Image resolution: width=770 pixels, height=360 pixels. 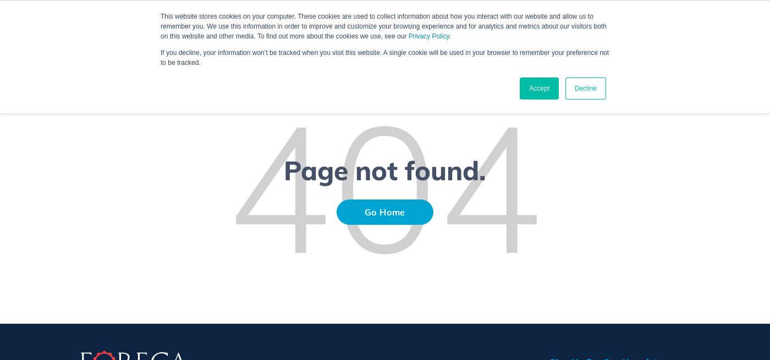 I want to click on 'Contact', so click(x=689, y=31).